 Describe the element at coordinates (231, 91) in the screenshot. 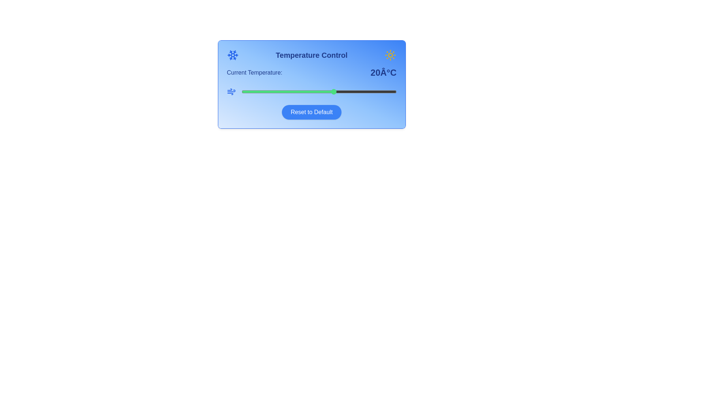

I see `the wind icon located to the left of the 'Current Temperature' text in the temperature control interface, which serves as a decorative symbol for air movement` at that location.